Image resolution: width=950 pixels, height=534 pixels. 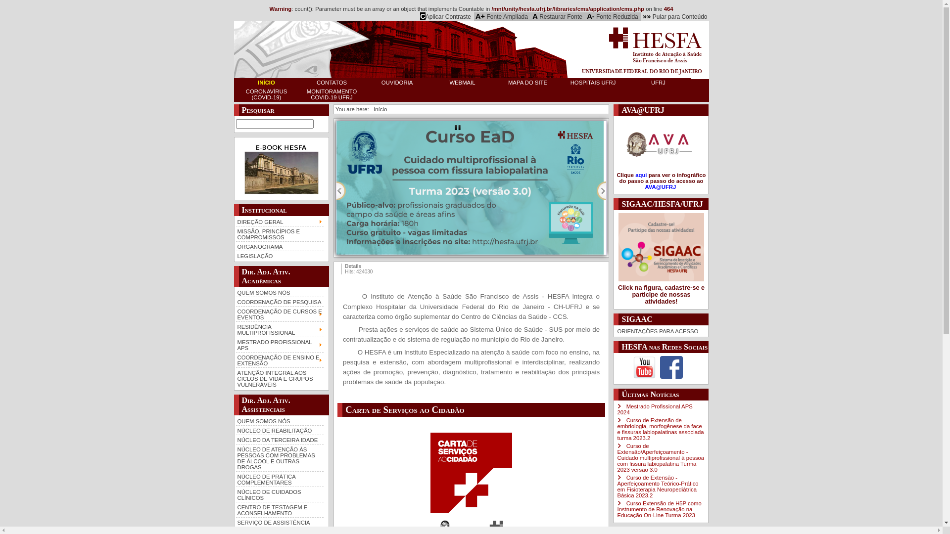 I want to click on 'HOSPITAIS UFRJ', so click(x=560, y=82).